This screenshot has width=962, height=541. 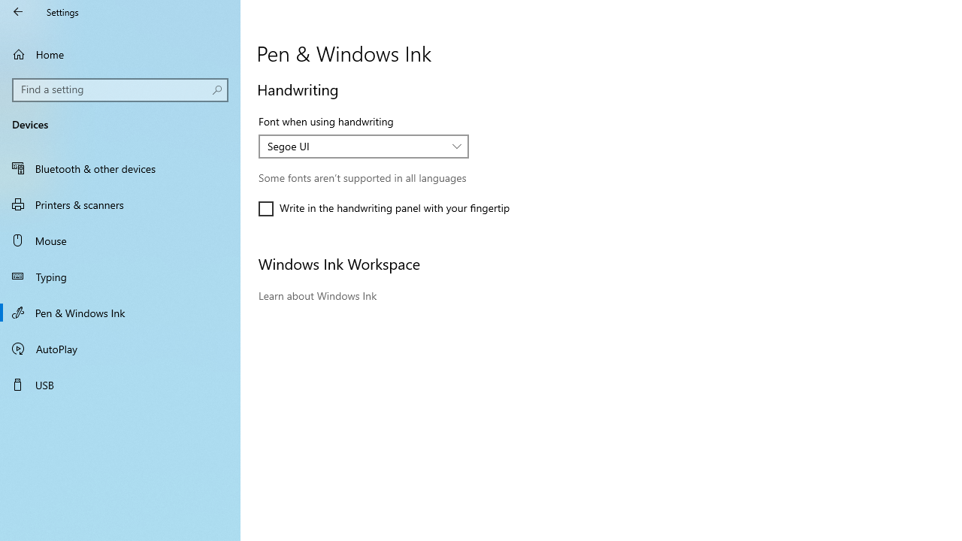 What do you see at coordinates (364, 147) in the screenshot?
I see `'Font when using handwriting'` at bounding box center [364, 147].